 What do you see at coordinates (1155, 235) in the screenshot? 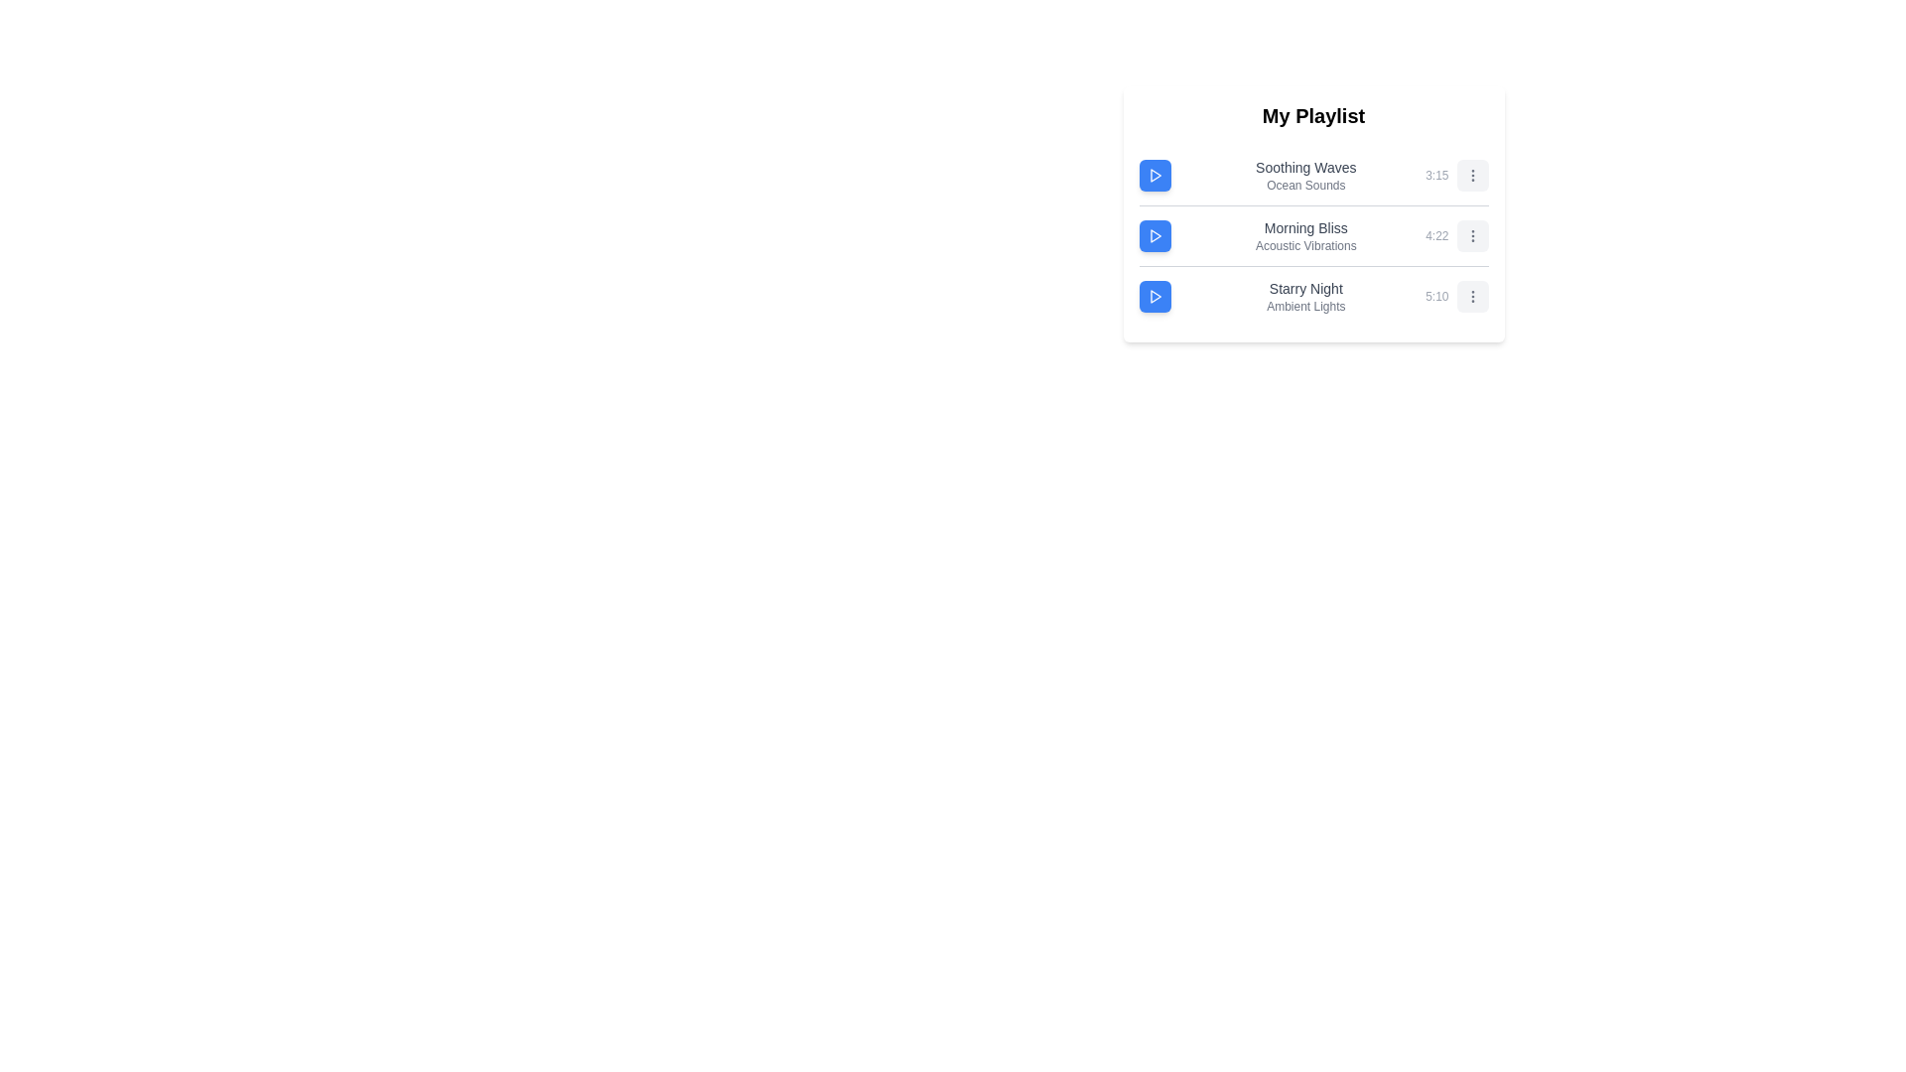
I see `the blue rectangular button containing the triangular play icon for the 'Morning Bliss' playlist` at bounding box center [1155, 235].